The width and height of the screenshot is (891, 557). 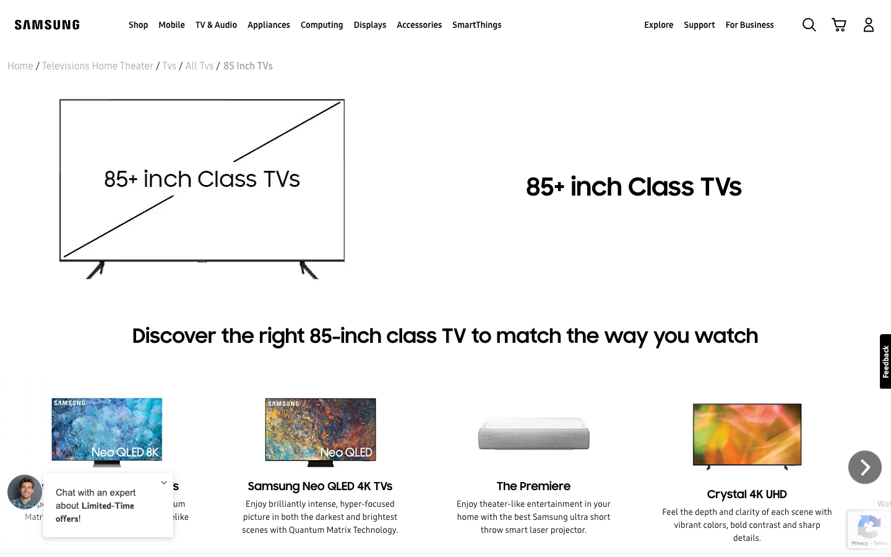 What do you see at coordinates (476, 24) in the screenshot?
I see `Visit and select the SmartThings option from the main menu` at bounding box center [476, 24].